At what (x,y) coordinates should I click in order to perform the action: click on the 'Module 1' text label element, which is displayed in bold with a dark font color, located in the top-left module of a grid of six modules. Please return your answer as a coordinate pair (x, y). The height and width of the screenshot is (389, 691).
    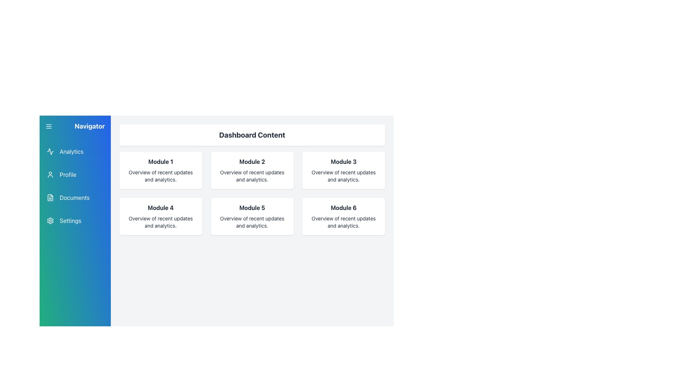
    Looking at the image, I should click on (160, 161).